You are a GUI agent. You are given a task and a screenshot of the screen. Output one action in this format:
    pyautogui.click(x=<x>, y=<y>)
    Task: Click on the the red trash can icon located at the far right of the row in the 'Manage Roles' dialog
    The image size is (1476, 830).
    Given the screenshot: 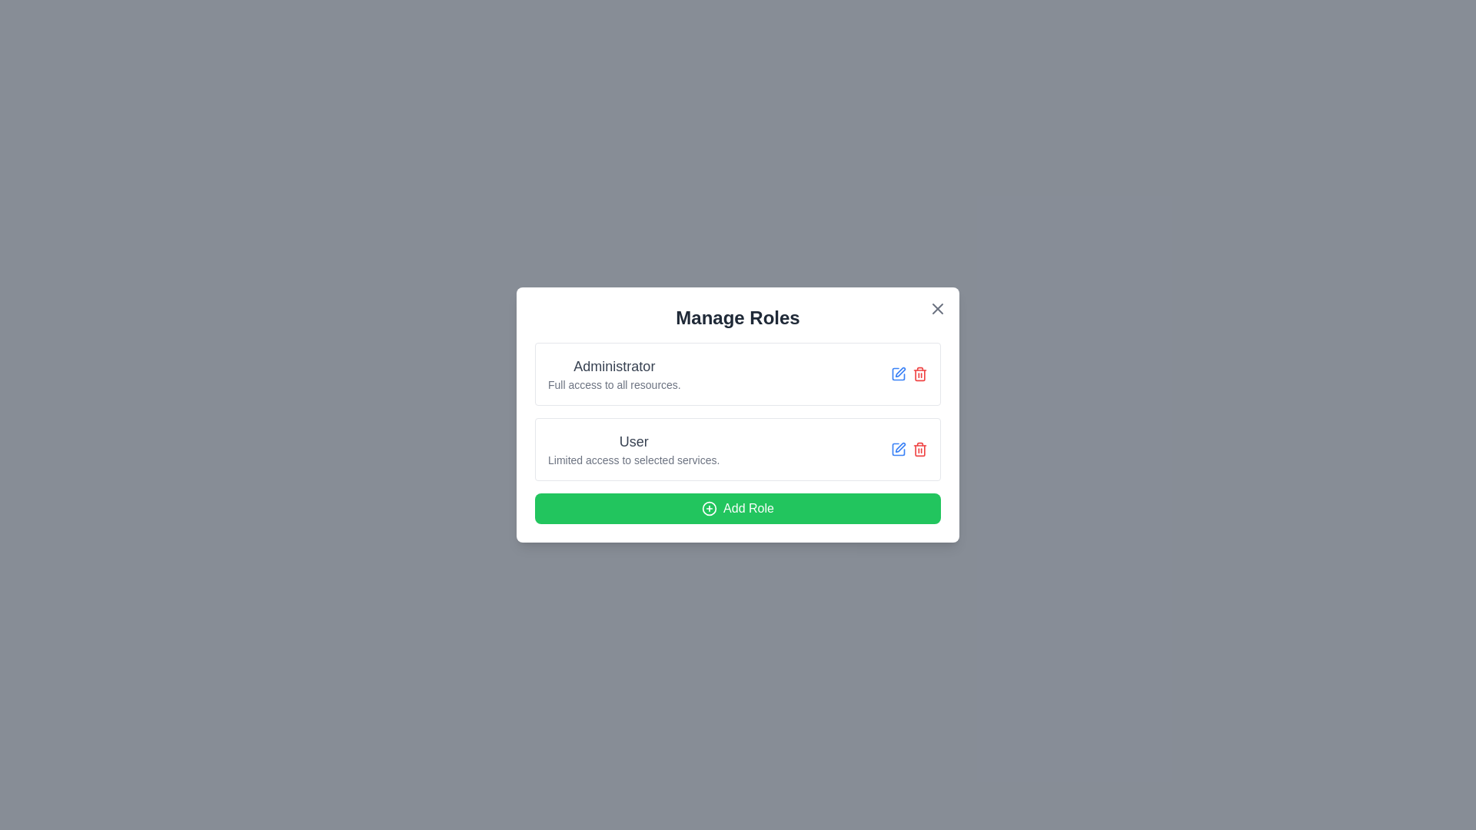 What is the action you would take?
    pyautogui.click(x=919, y=375)
    